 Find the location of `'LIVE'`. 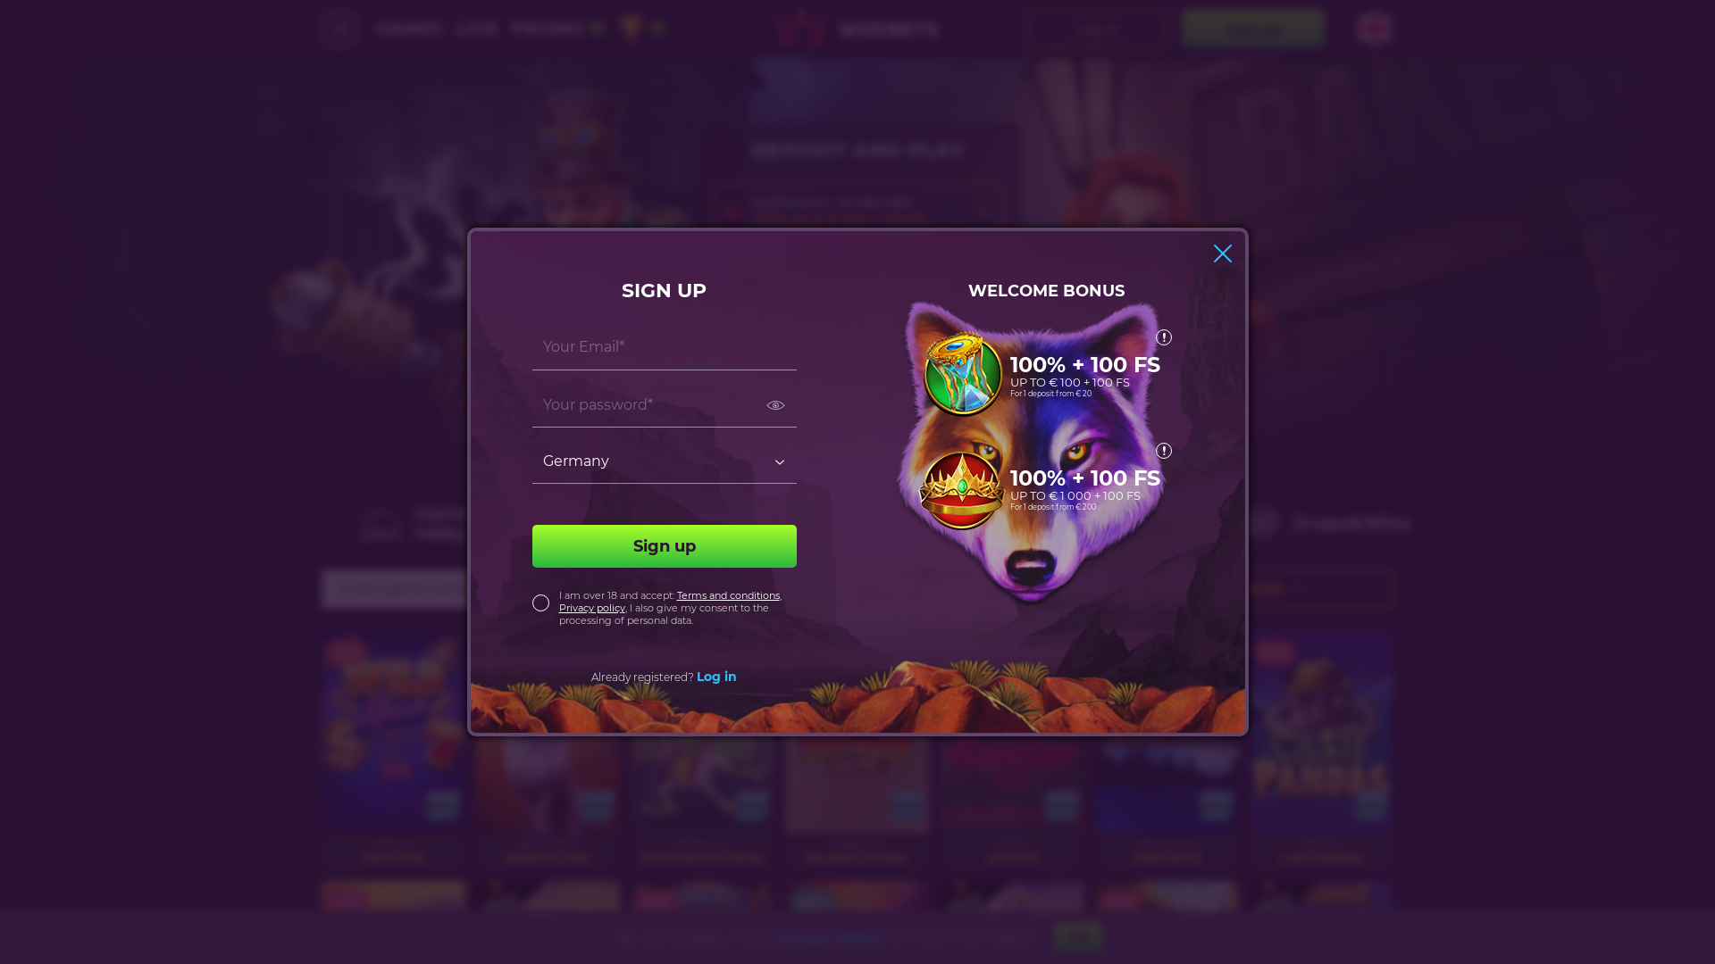

'LIVE' is located at coordinates (476, 28).